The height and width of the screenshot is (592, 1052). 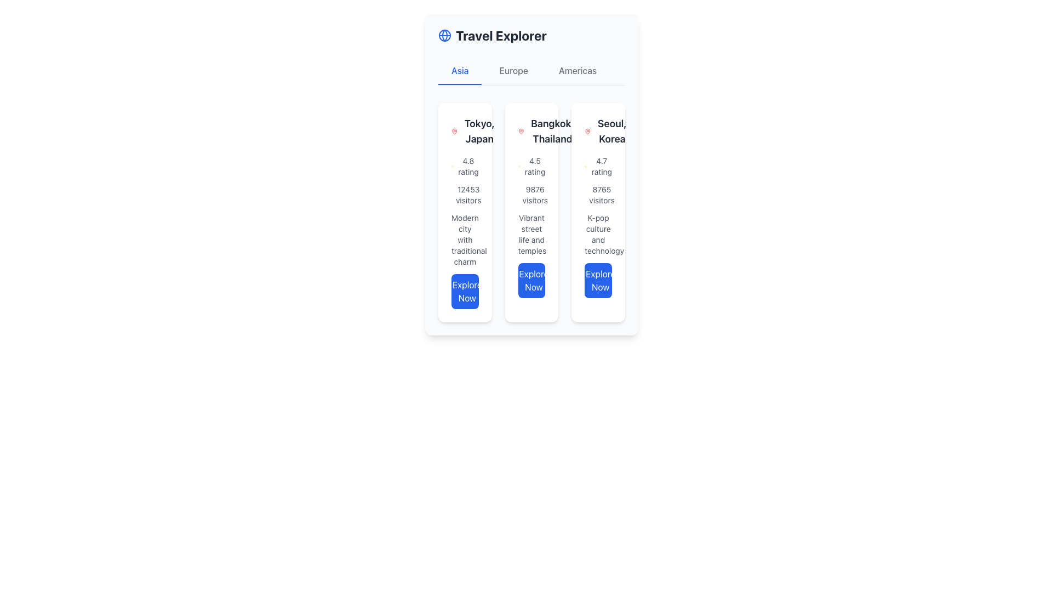 I want to click on the second text element in the card for 'Seoul, Korea' that displays the number of visitors associated with the travel destination, so click(x=598, y=194).